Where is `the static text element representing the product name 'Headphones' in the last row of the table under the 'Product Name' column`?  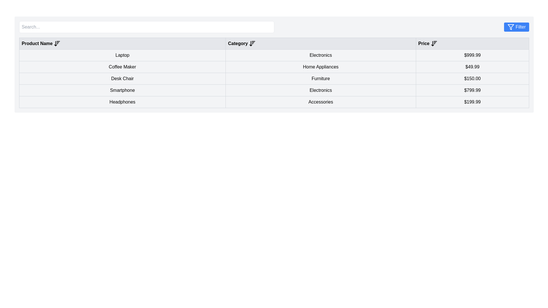 the static text element representing the product name 'Headphones' in the last row of the table under the 'Product Name' column is located at coordinates (122, 102).